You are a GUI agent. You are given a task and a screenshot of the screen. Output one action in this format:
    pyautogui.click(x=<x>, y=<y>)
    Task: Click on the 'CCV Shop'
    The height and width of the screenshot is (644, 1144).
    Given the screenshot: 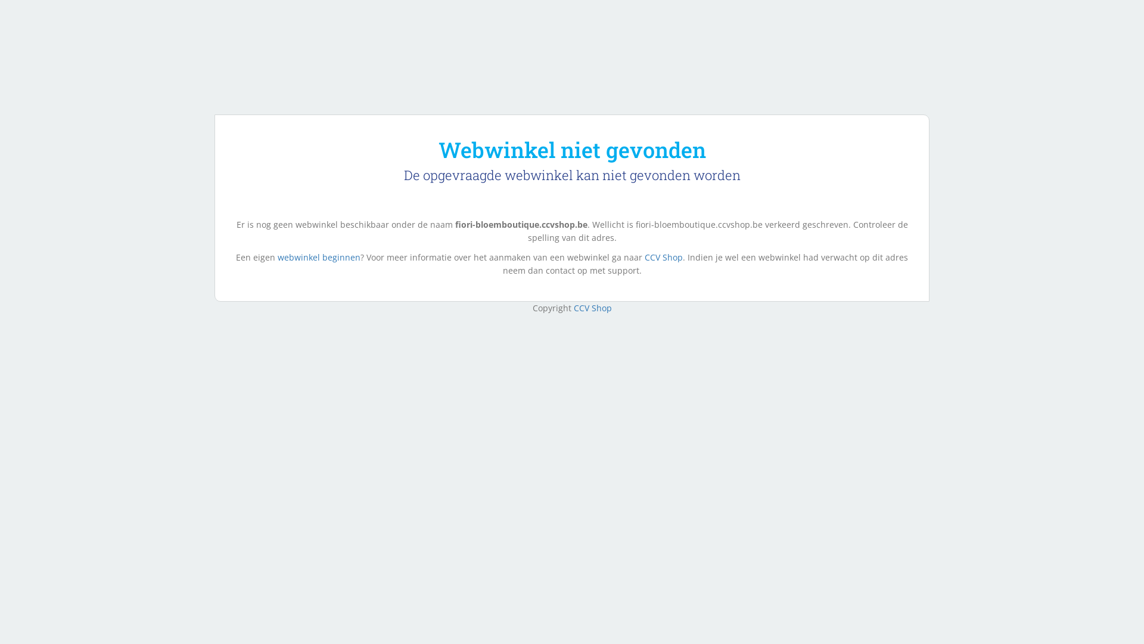 What is the action you would take?
    pyautogui.click(x=592, y=307)
    